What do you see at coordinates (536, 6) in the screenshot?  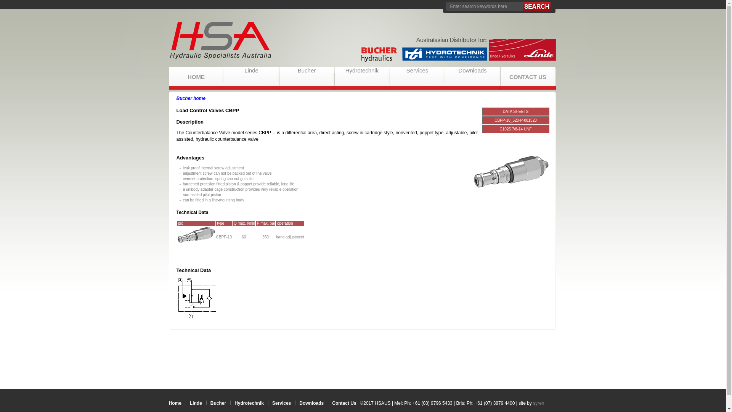 I see `'Search'` at bounding box center [536, 6].